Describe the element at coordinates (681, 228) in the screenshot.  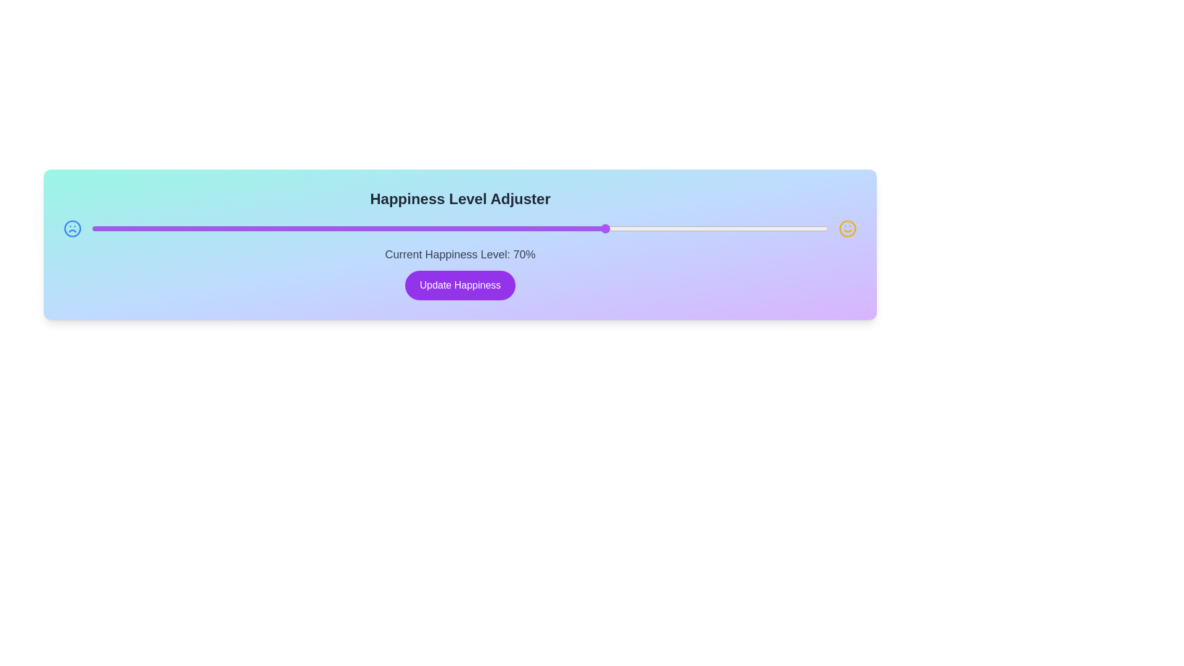
I see `the happiness level to 80% by moving the slider` at that location.